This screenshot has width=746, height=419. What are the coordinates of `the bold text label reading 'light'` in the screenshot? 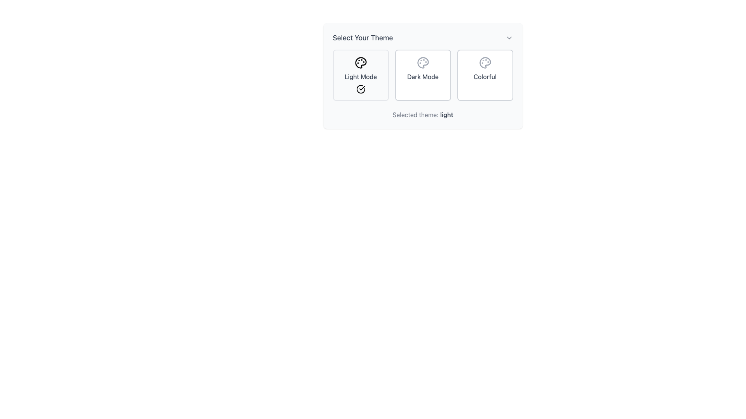 It's located at (446, 115).